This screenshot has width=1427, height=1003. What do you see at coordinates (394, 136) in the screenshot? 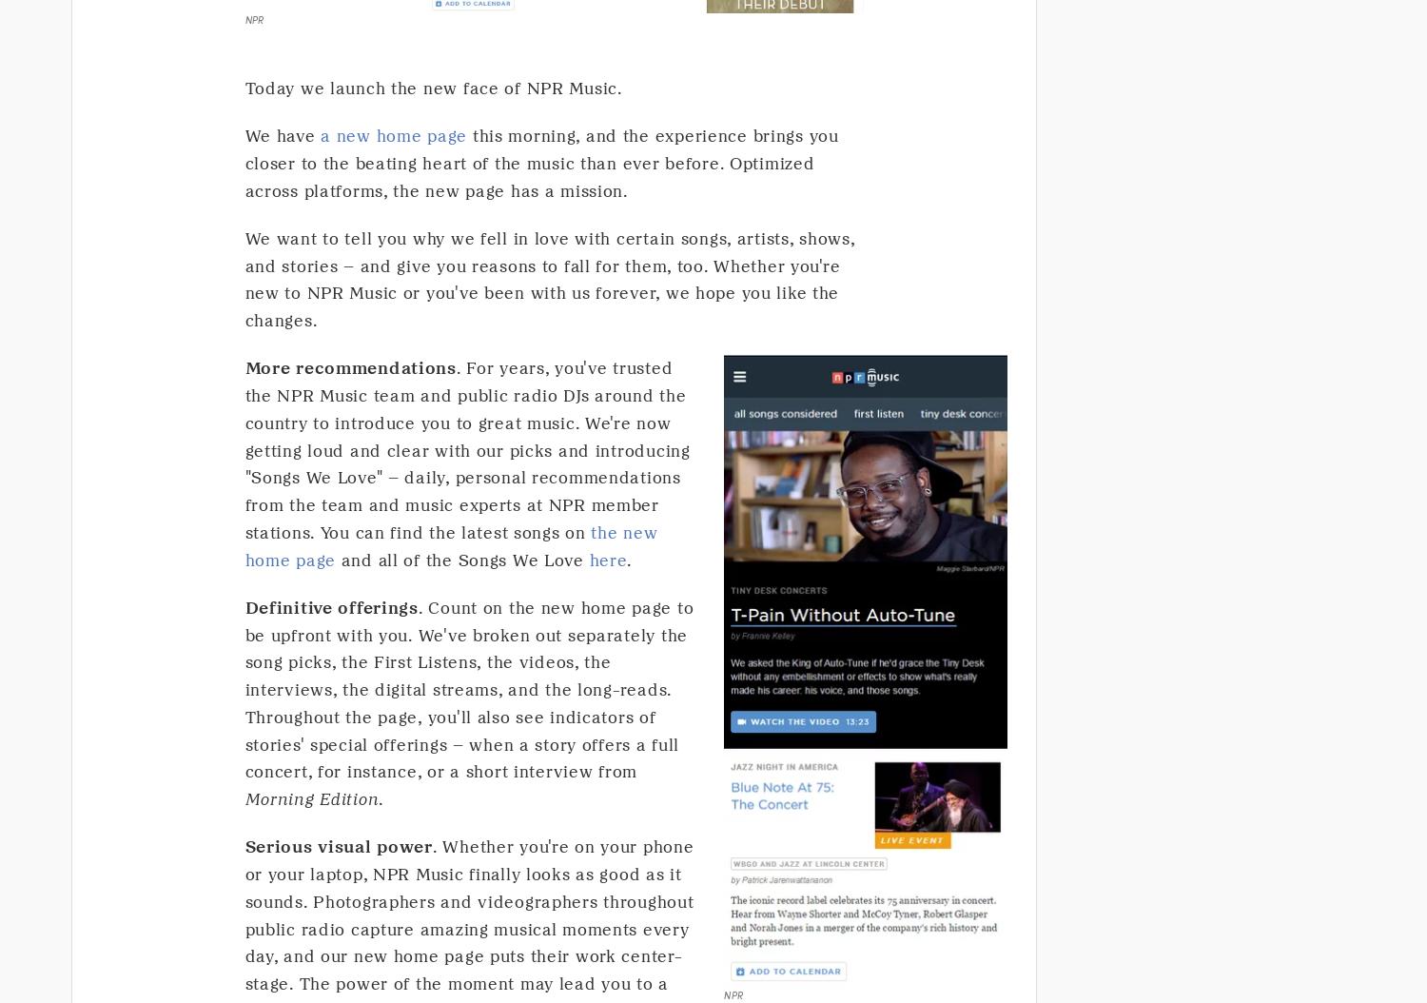
I see `'a new home page'` at bounding box center [394, 136].